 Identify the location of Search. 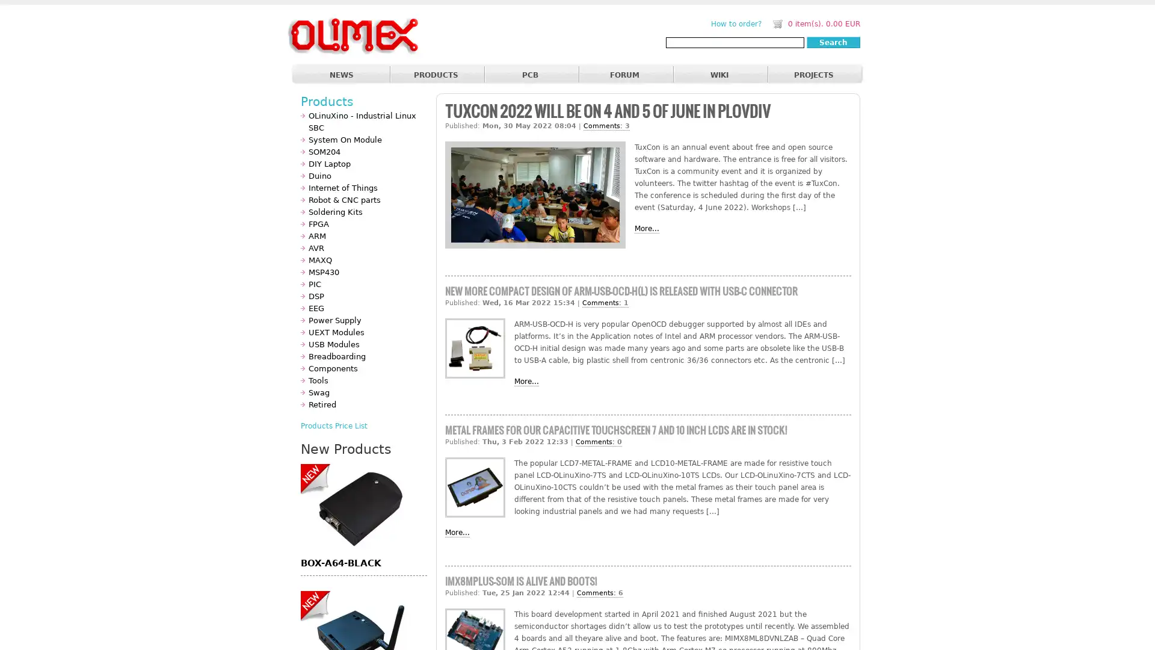
(833, 42).